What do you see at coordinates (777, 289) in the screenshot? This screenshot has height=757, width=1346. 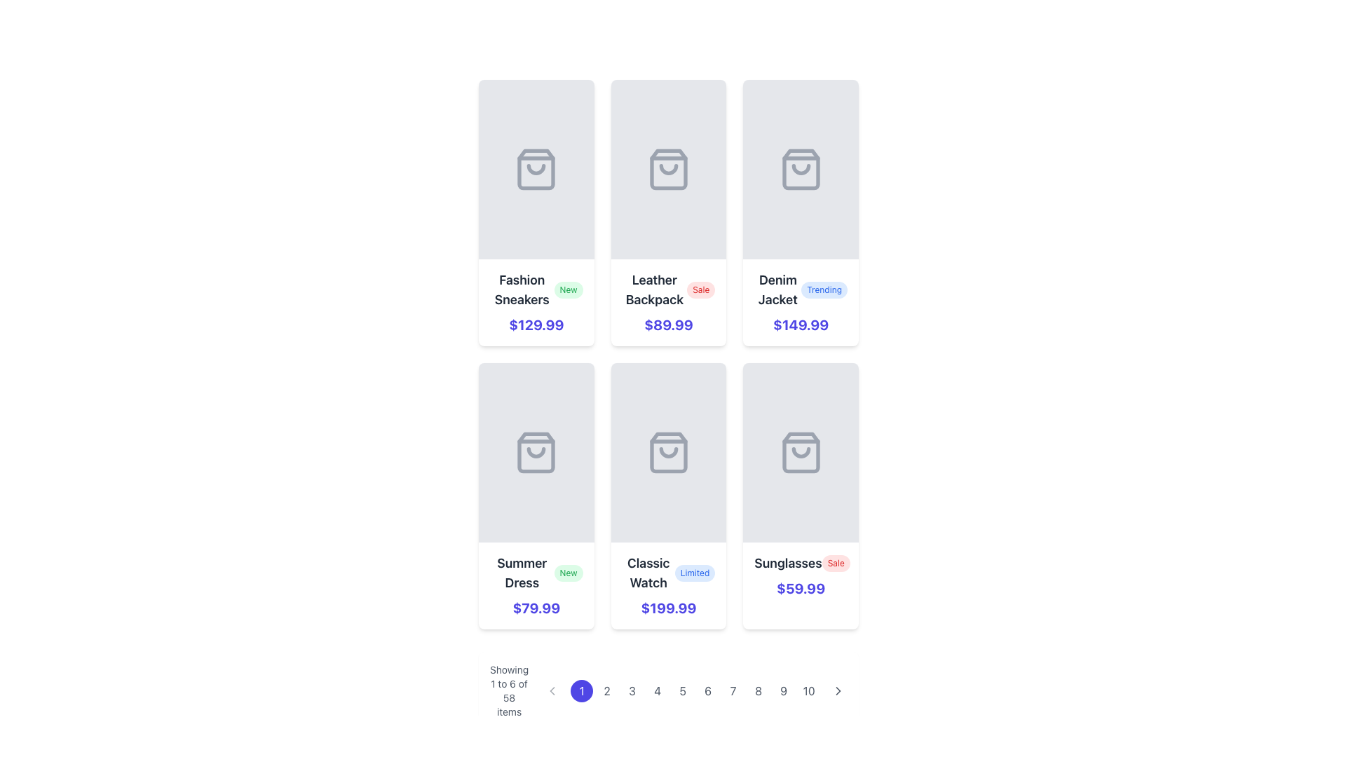 I see `the text element displaying 'Denim Jacket' in bold dark gray color, located in the top row, third column of the product card, just above the price and next to the 'Trending' badge` at bounding box center [777, 289].